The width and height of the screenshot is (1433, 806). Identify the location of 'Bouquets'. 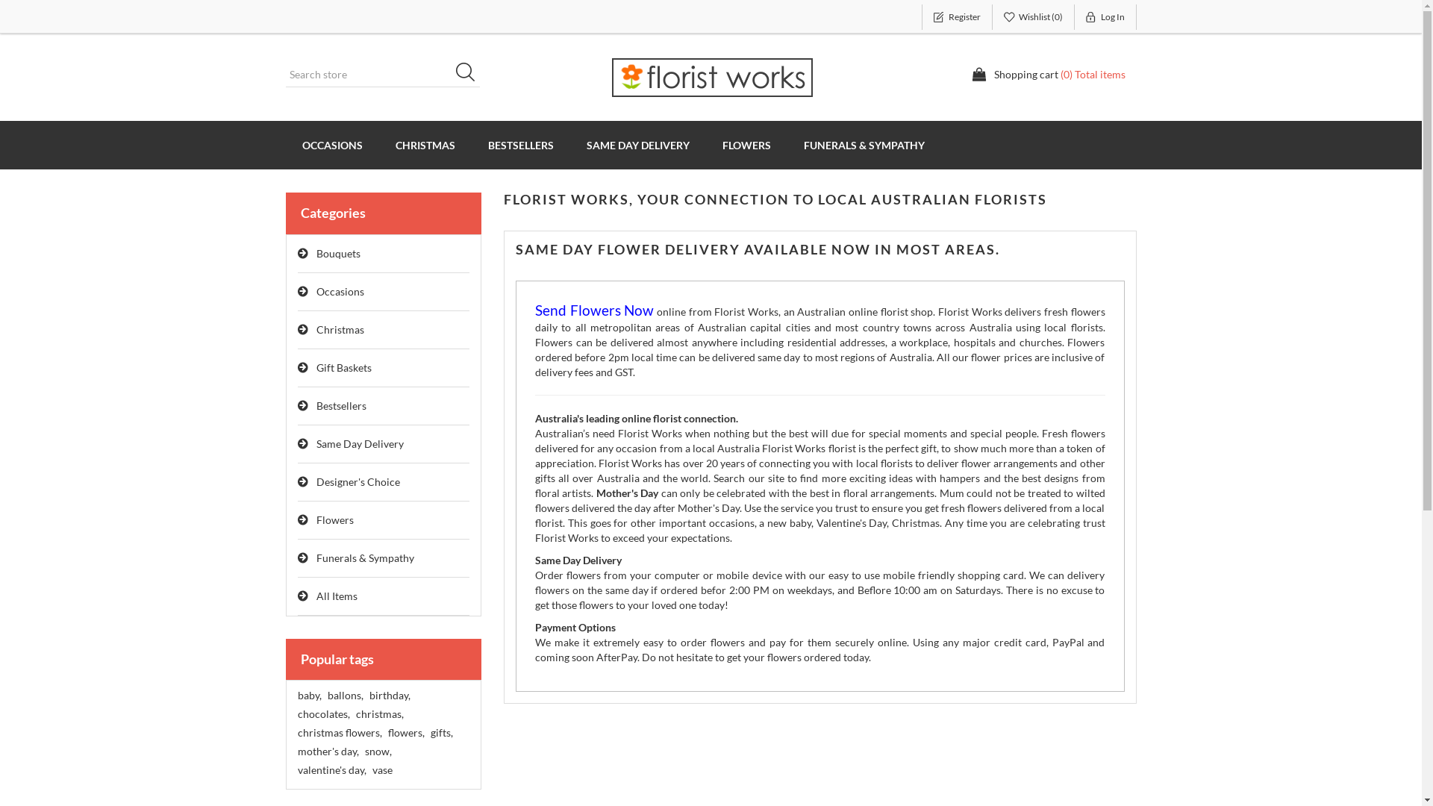
(297, 253).